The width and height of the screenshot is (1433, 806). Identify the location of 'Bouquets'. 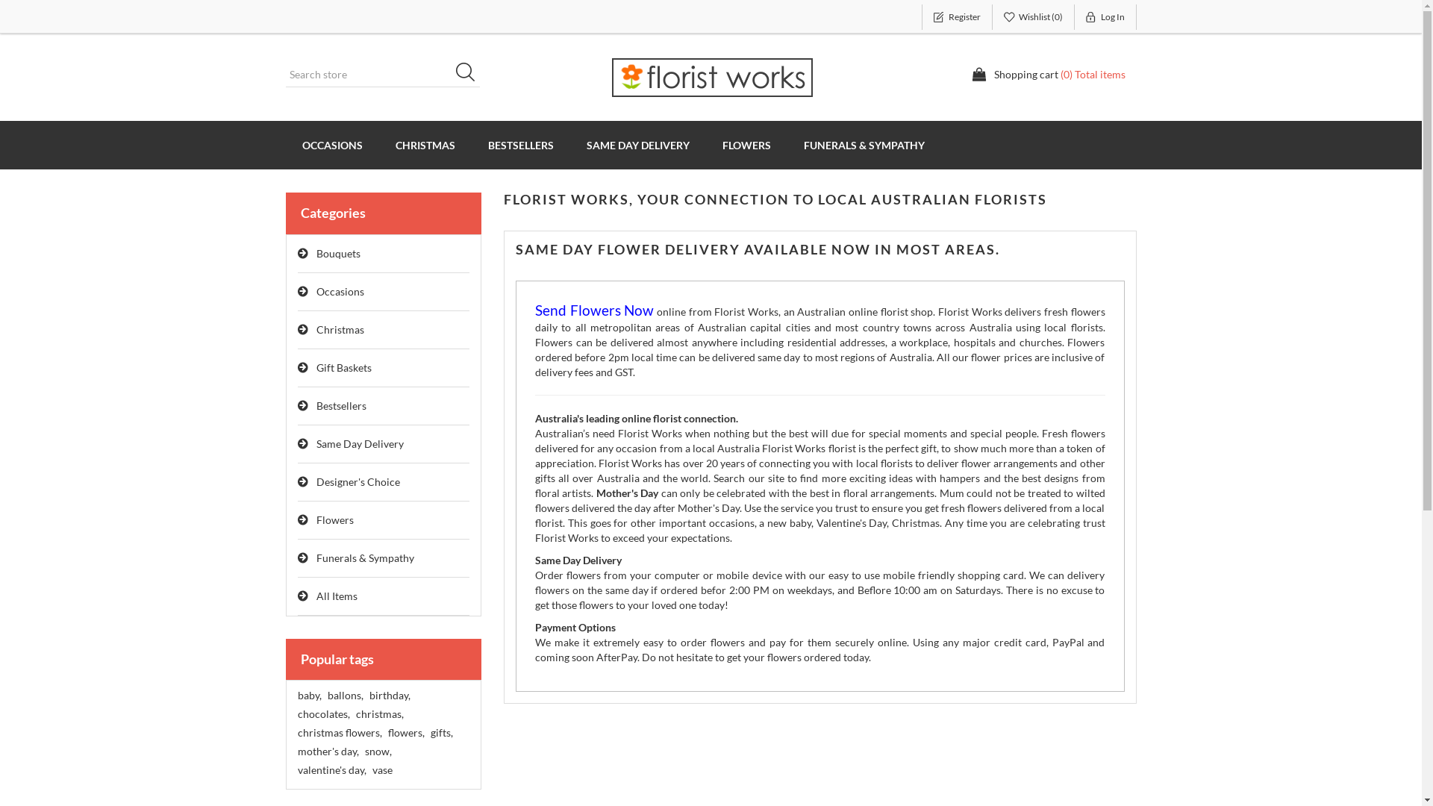
(297, 253).